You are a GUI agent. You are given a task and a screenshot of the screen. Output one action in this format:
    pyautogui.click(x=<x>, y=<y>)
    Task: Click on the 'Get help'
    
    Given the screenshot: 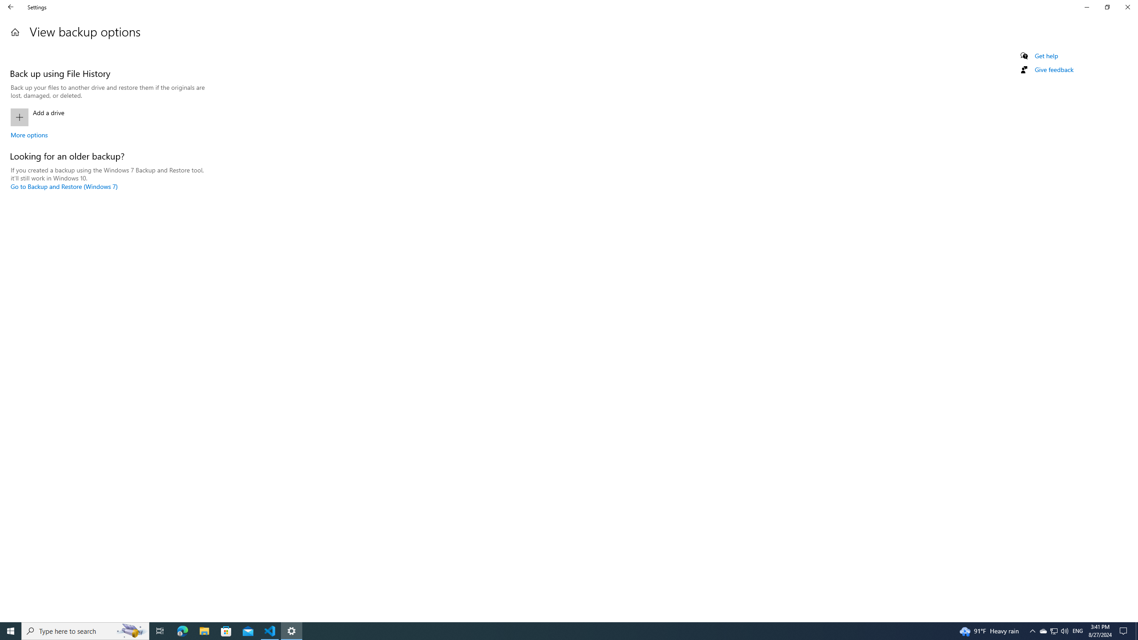 What is the action you would take?
    pyautogui.click(x=1046, y=56)
    